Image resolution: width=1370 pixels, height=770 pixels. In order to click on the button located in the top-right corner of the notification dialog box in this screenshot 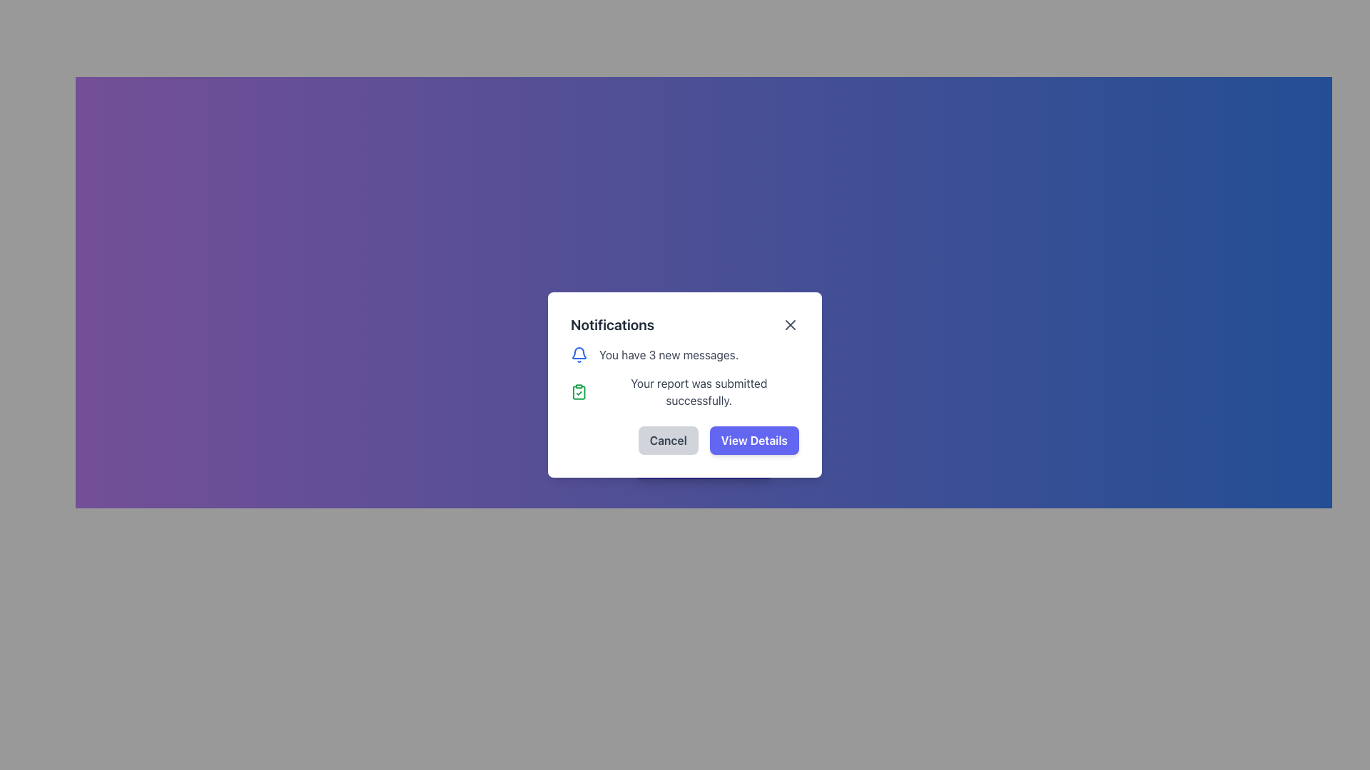, I will do `click(790, 324)`.